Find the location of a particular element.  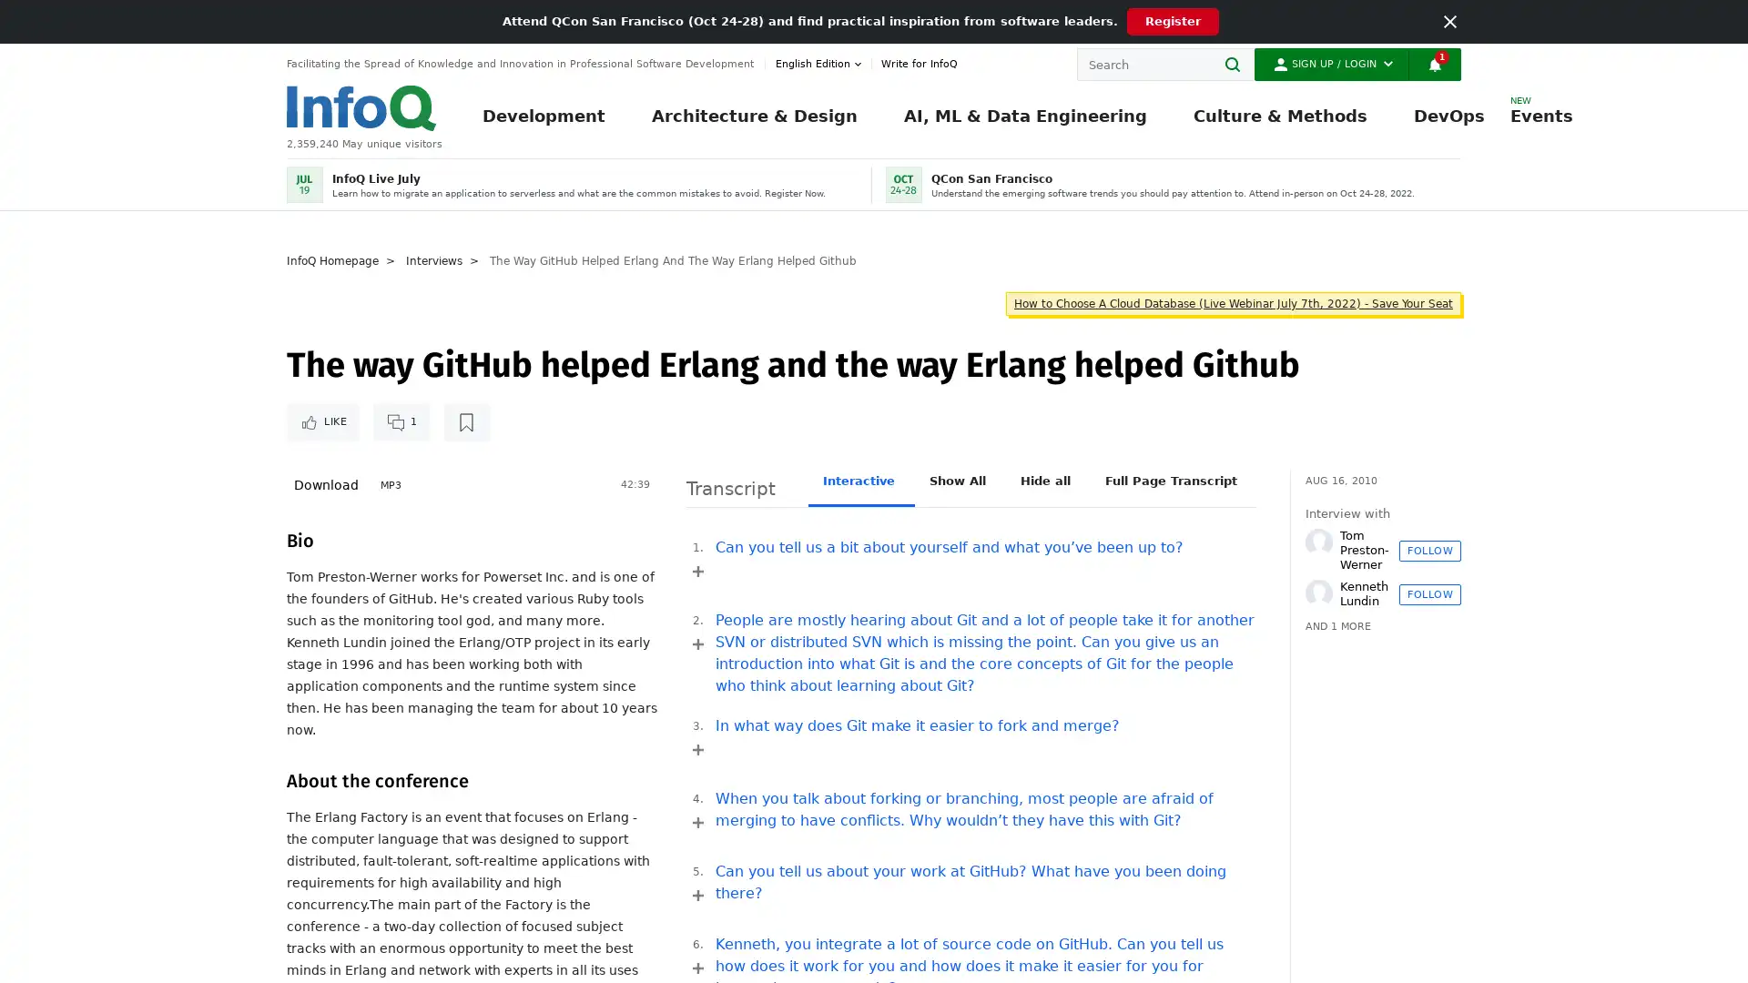

Read later is located at coordinates (466, 421).